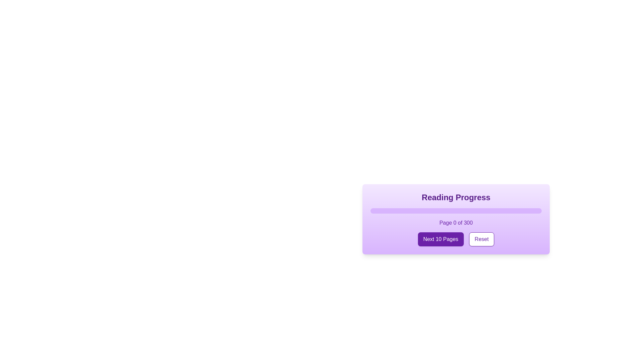 The height and width of the screenshot is (361, 642). I want to click on the 'Next 10 Pages' button, so click(441, 239).